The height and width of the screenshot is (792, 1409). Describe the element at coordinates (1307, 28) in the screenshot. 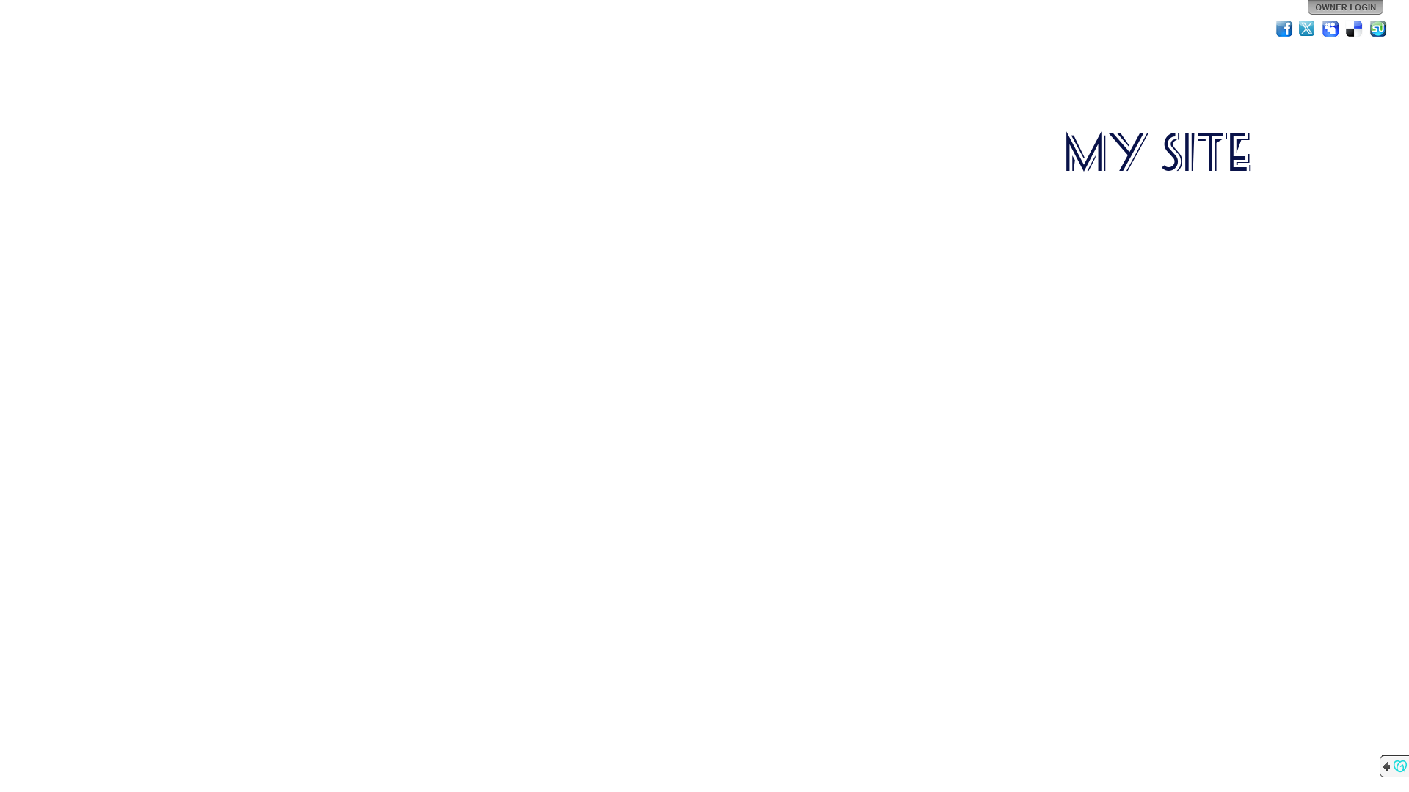

I see `'Twitter'` at that location.